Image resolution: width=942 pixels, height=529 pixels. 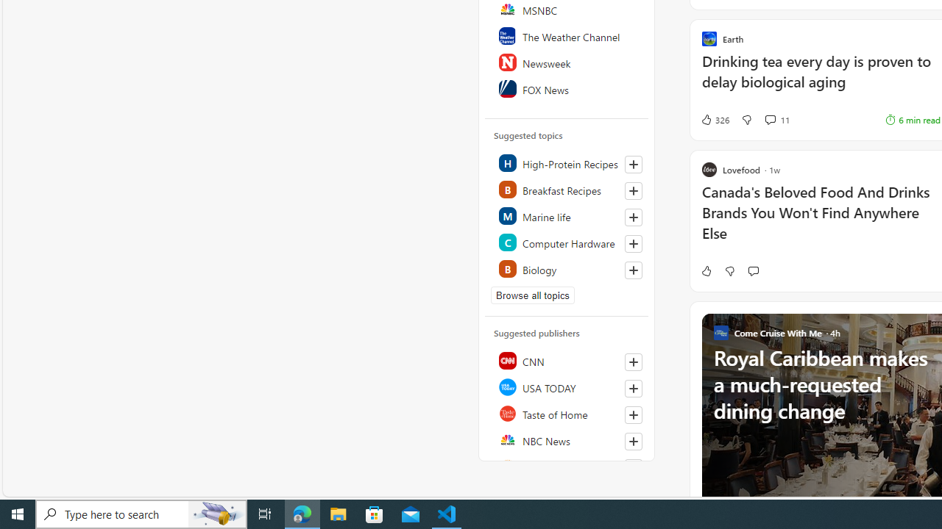 What do you see at coordinates (567, 88) in the screenshot?
I see `'FOX News'` at bounding box center [567, 88].